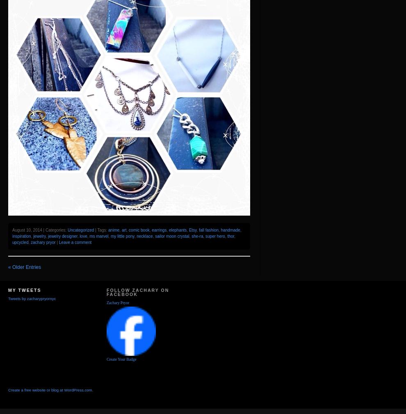 The width and height of the screenshot is (406, 414). Describe the element at coordinates (67, 230) in the screenshot. I see `'Uncategorized'` at that location.